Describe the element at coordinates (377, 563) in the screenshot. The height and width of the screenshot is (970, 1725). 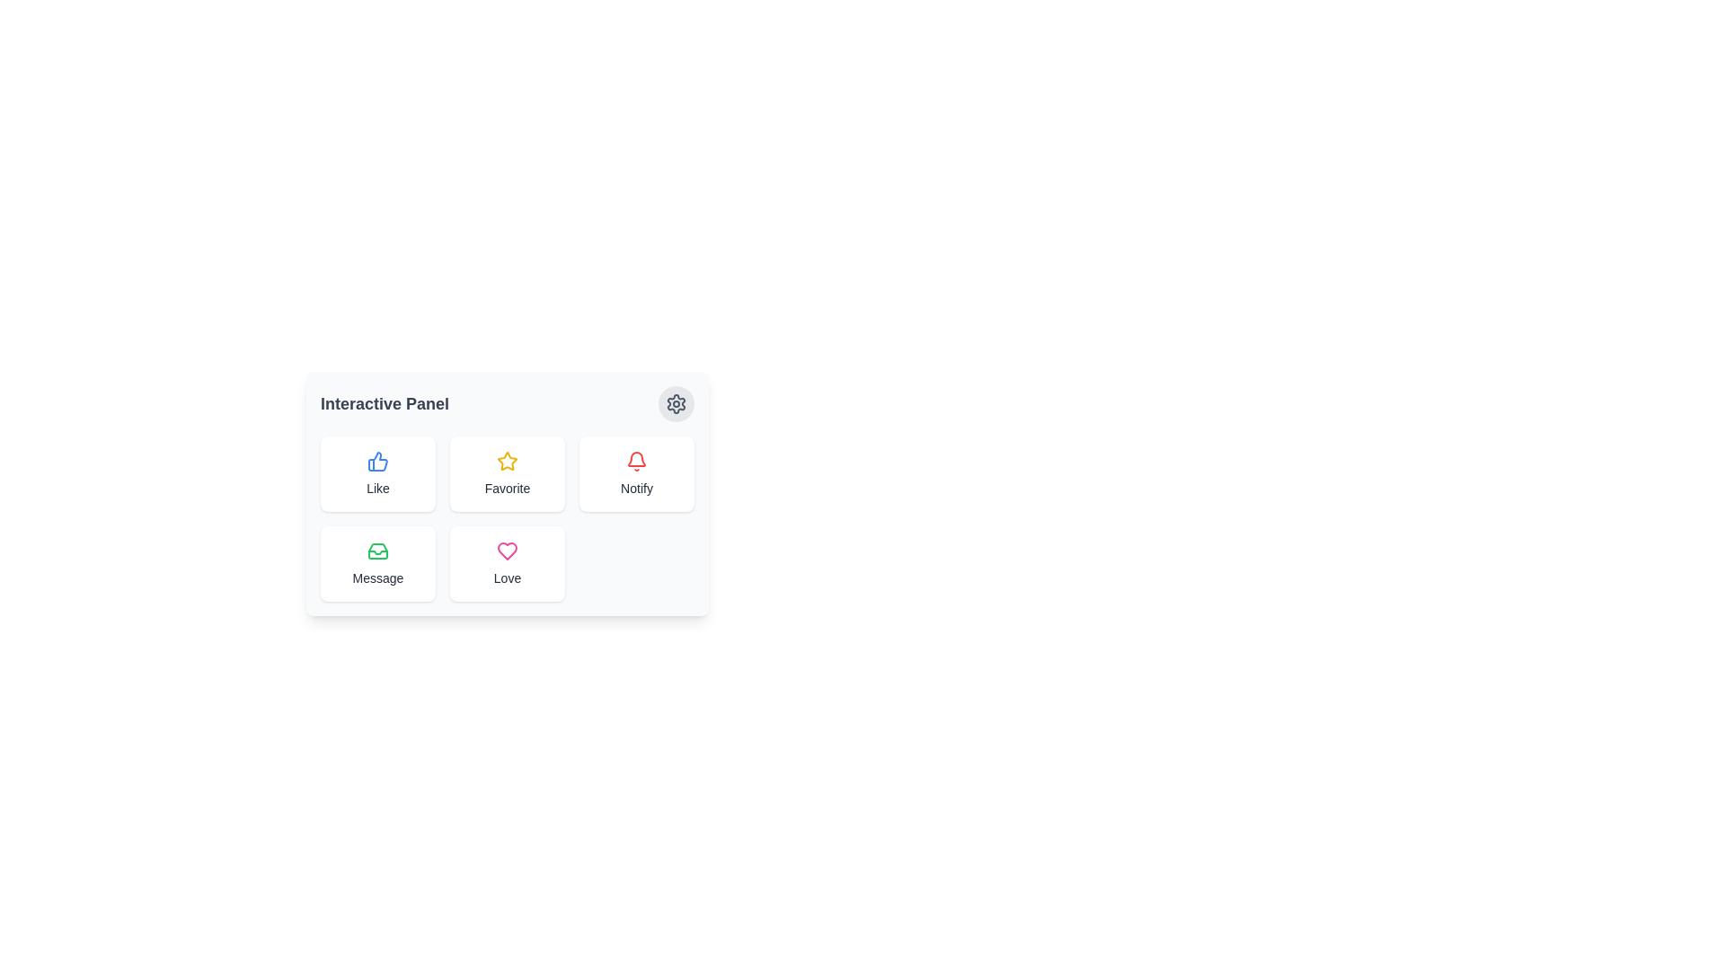
I see `the messaging button located at the bottom-left of the grid layout, which is the fourth button directly below the 'Like' button` at that location.